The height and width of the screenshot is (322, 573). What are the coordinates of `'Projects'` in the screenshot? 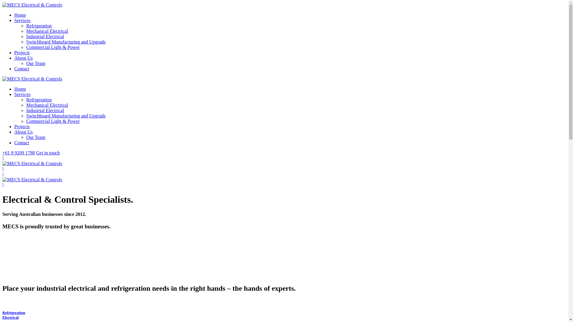 It's located at (22, 126).